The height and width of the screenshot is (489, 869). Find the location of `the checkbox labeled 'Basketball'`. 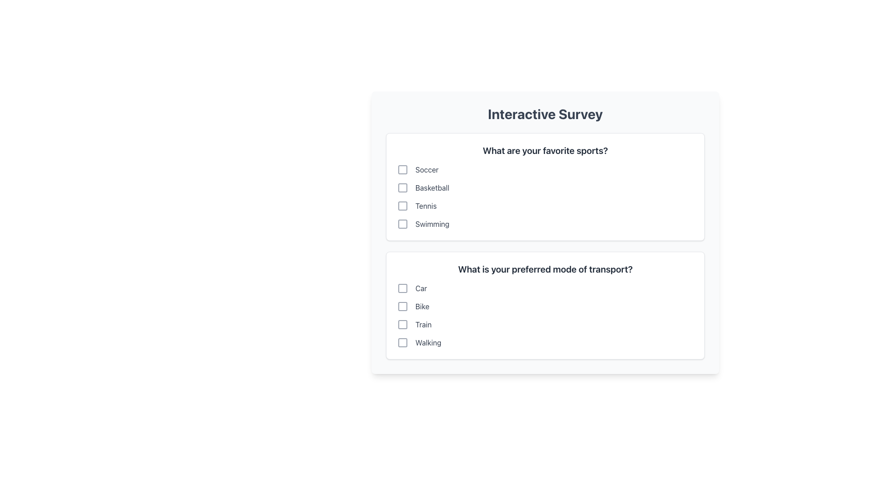

the checkbox labeled 'Basketball' is located at coordinates (544, 187).